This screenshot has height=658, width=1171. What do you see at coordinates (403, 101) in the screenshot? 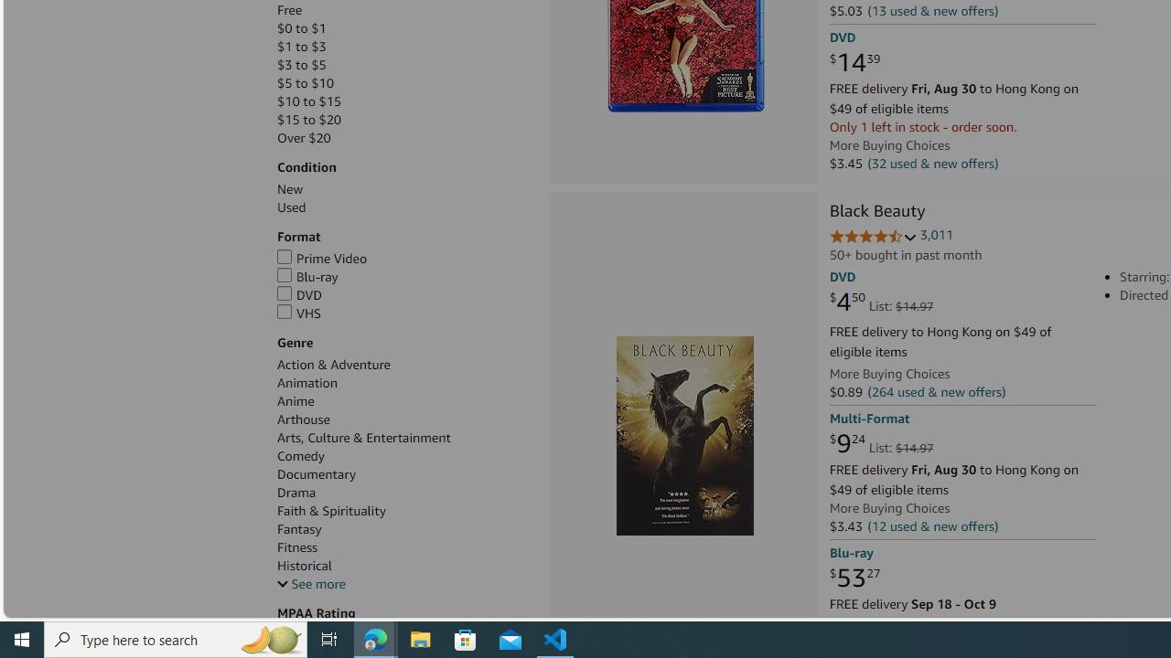
I see `'$10 to $15'` at bounding box center [403, 101].